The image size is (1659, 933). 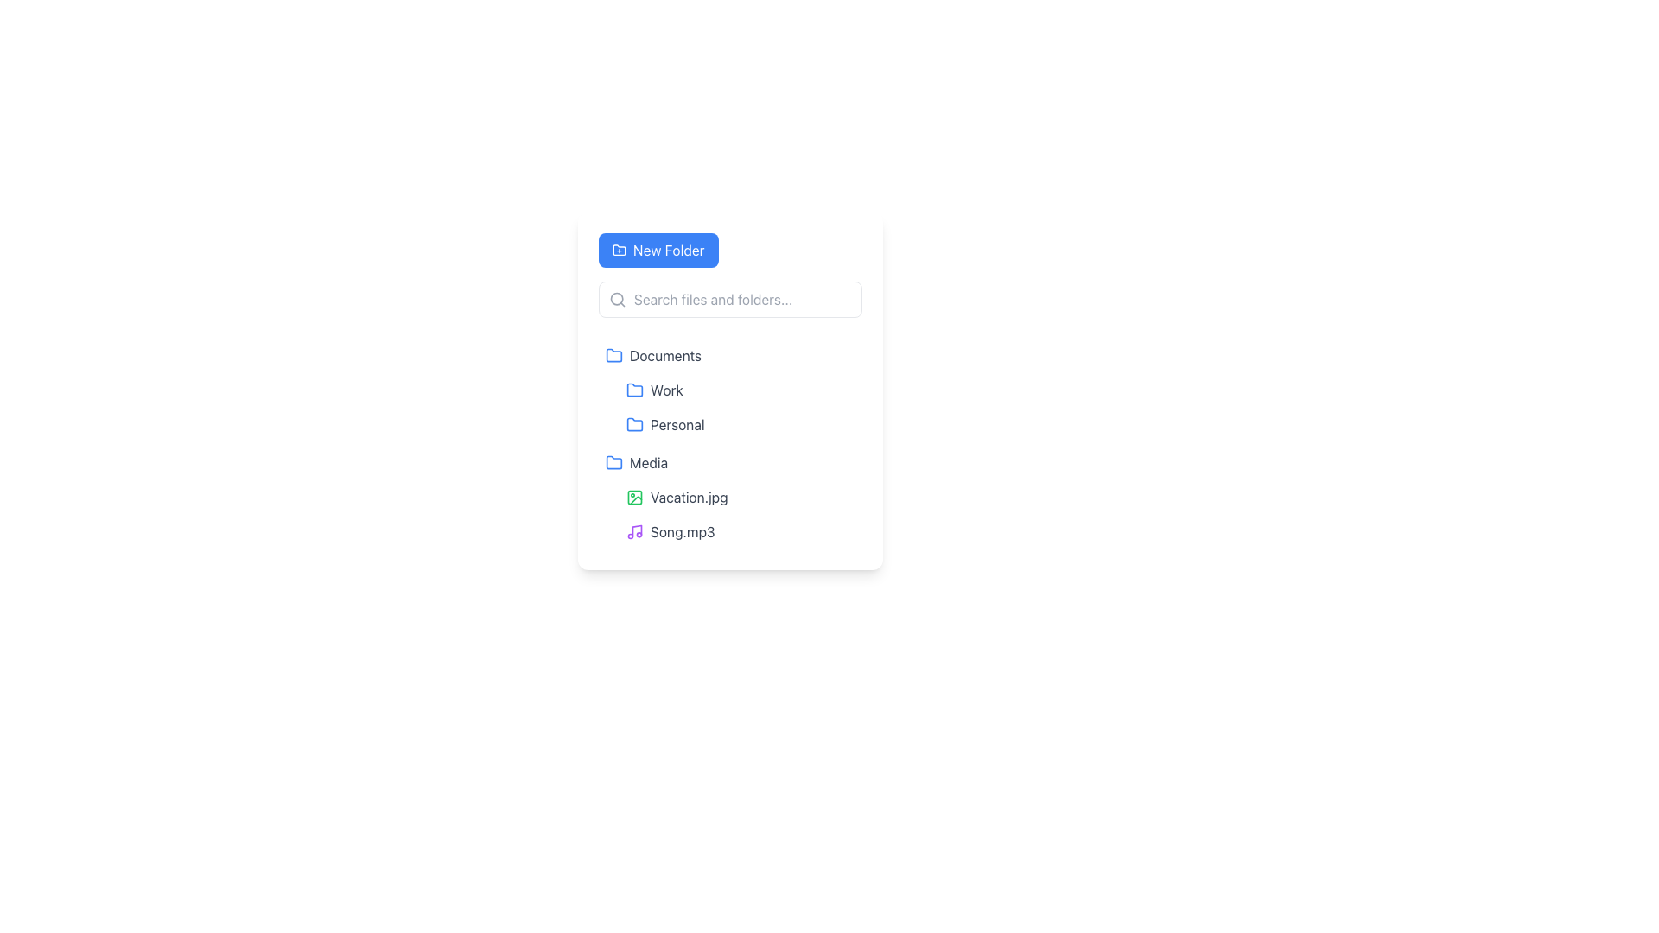 What do you see at coordinates (741, 497) in the screenshot?
I see `the first file entry named 'Vacation.jpg'` at bounding box center [741, 497].